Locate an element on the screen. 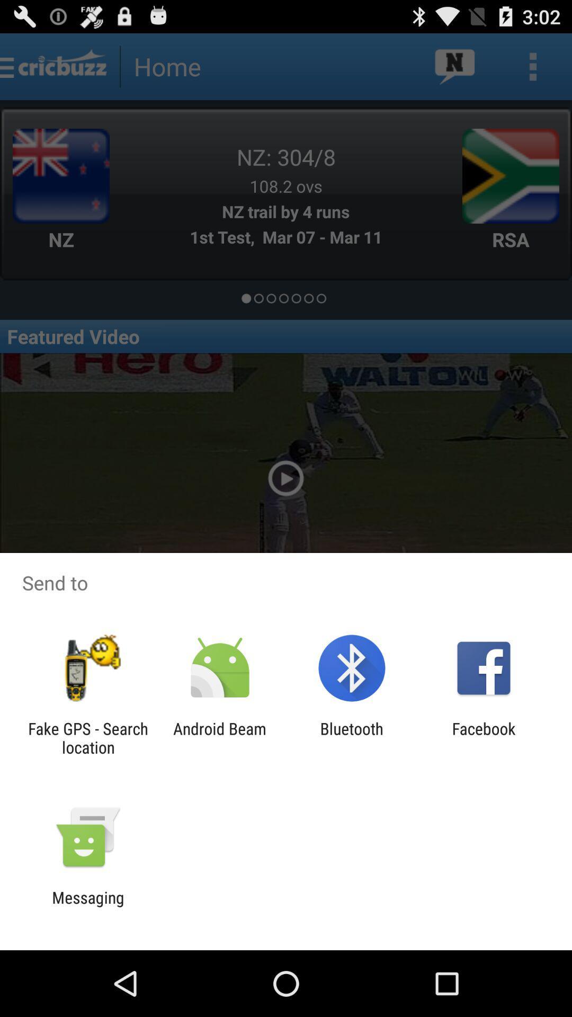  item to the right of the android beam is located at coordinates (352, 737).